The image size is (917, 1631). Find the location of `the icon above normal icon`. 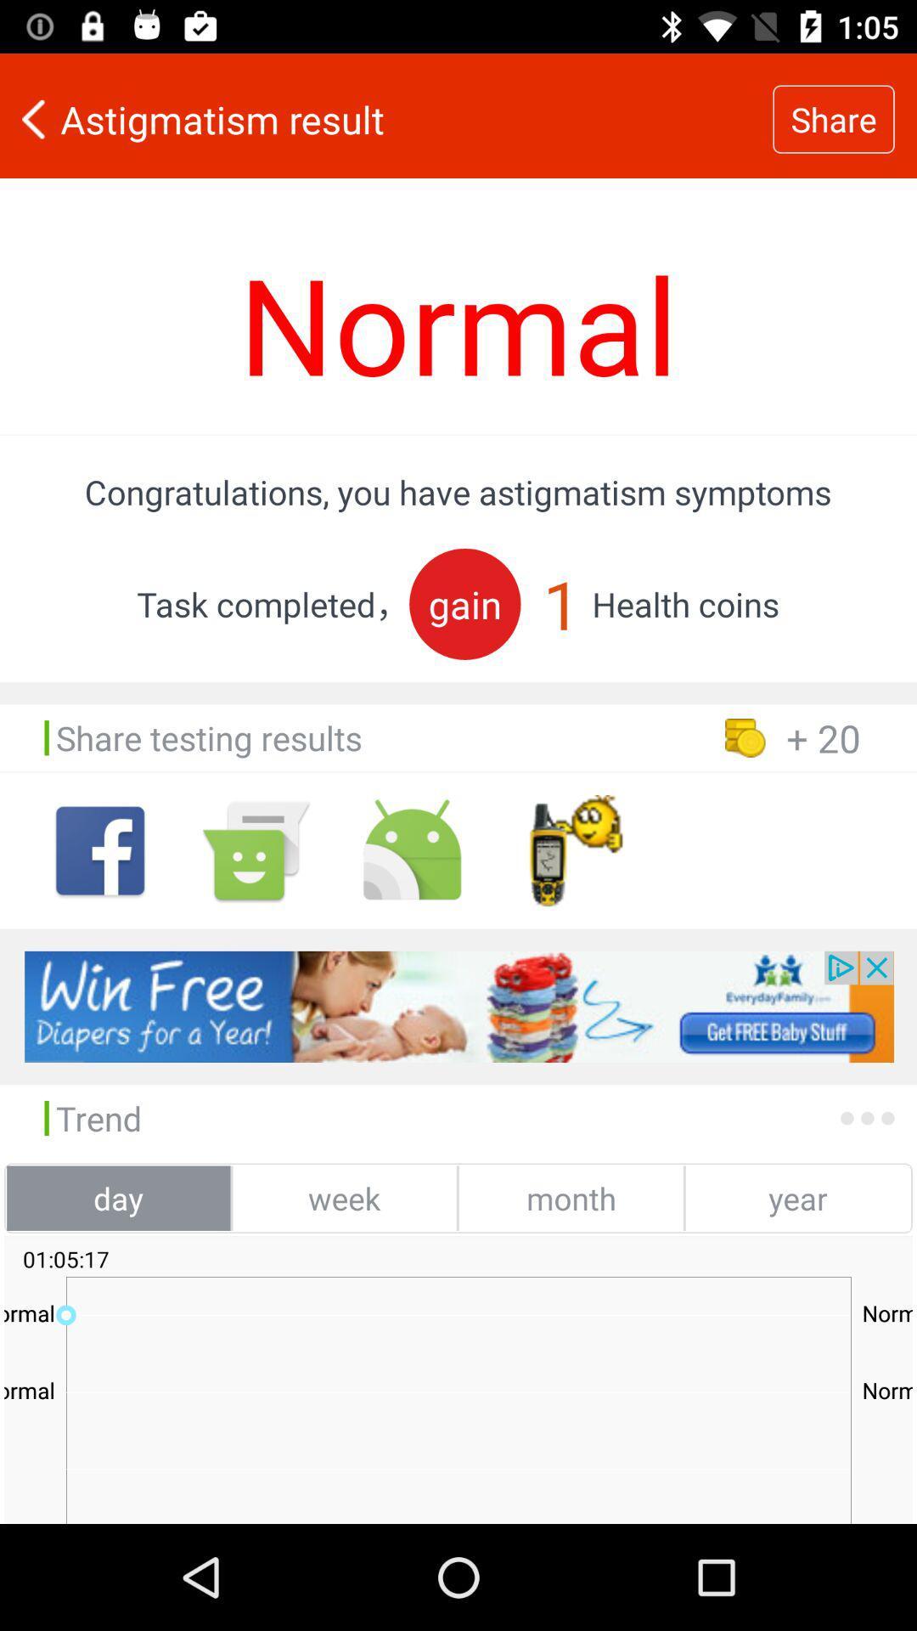

the icon above normal icon is located at coordinates (386, 118).